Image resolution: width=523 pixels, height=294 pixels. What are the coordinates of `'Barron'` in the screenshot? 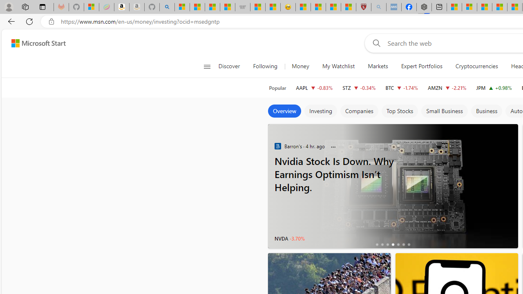 It's located at (277, 145).